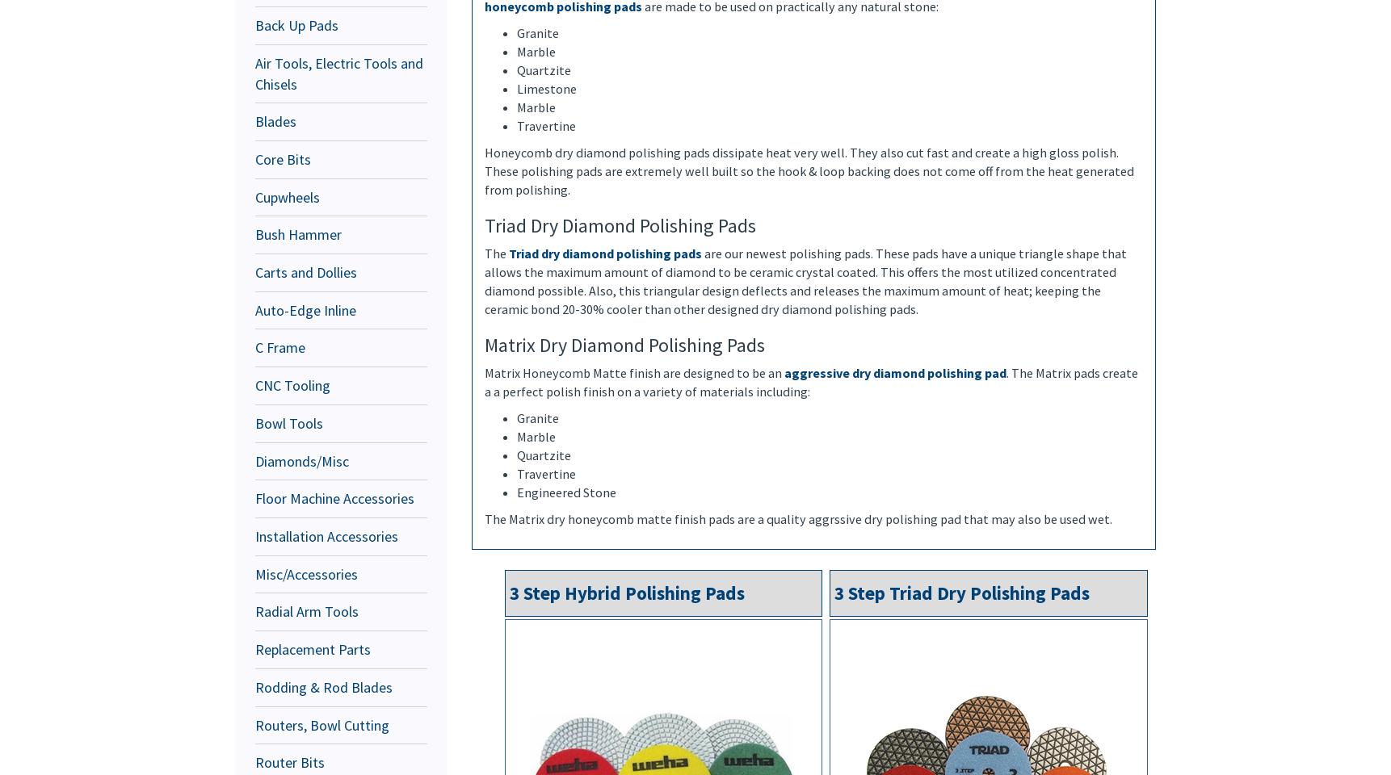  I want to click on 'Floor Machine Accessories', so click(334, 497).